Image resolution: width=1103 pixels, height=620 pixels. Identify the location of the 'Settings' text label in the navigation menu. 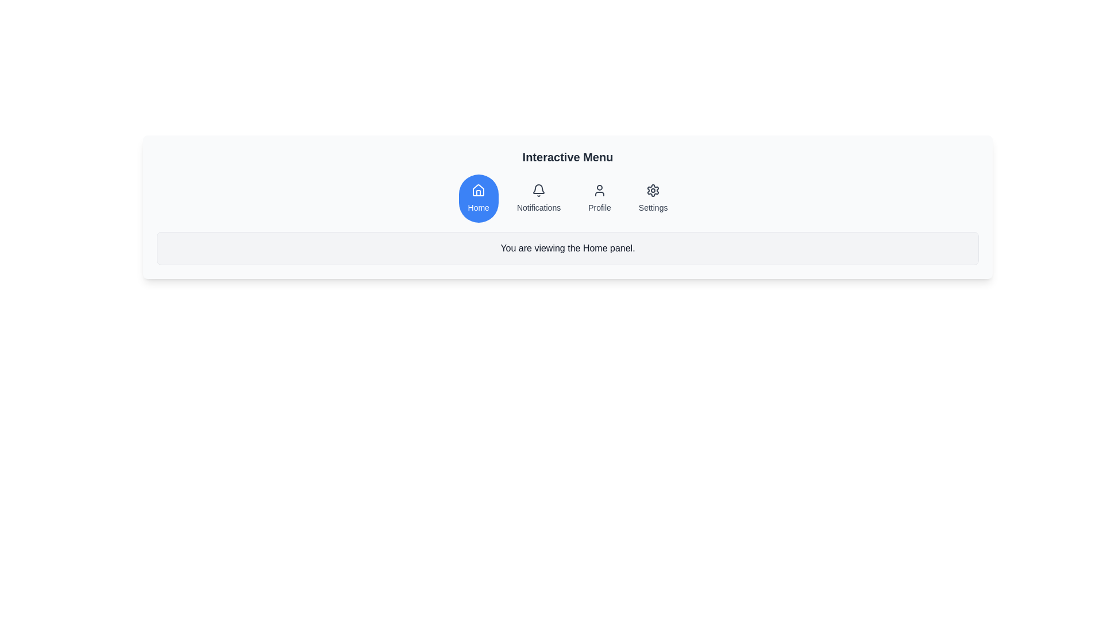
(653, 208).